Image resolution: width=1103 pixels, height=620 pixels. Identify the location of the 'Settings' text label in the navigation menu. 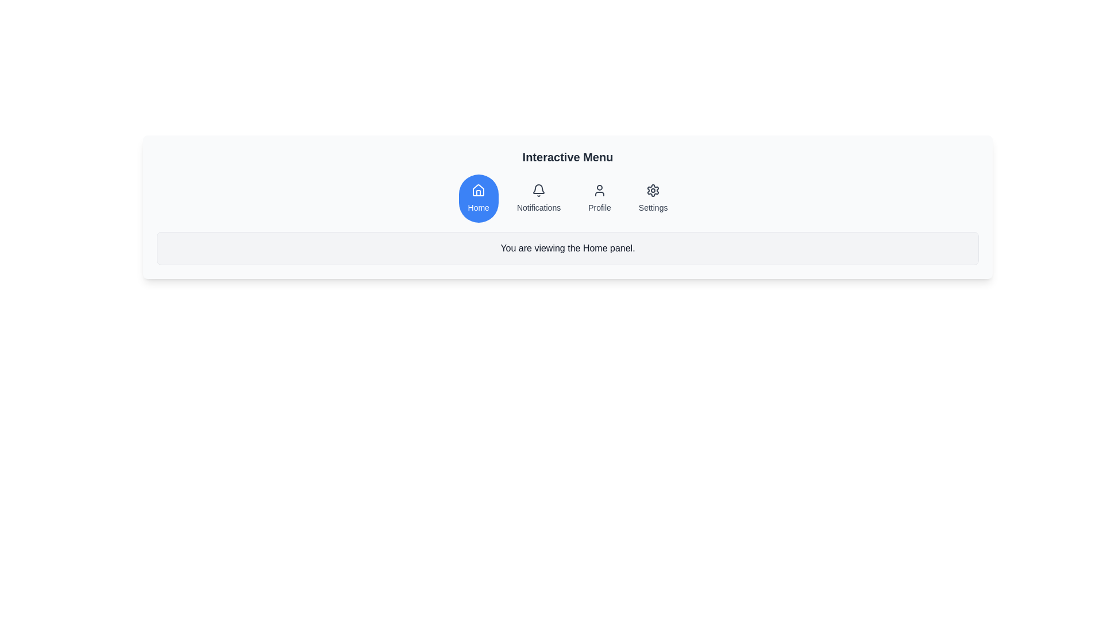
(653, 208).